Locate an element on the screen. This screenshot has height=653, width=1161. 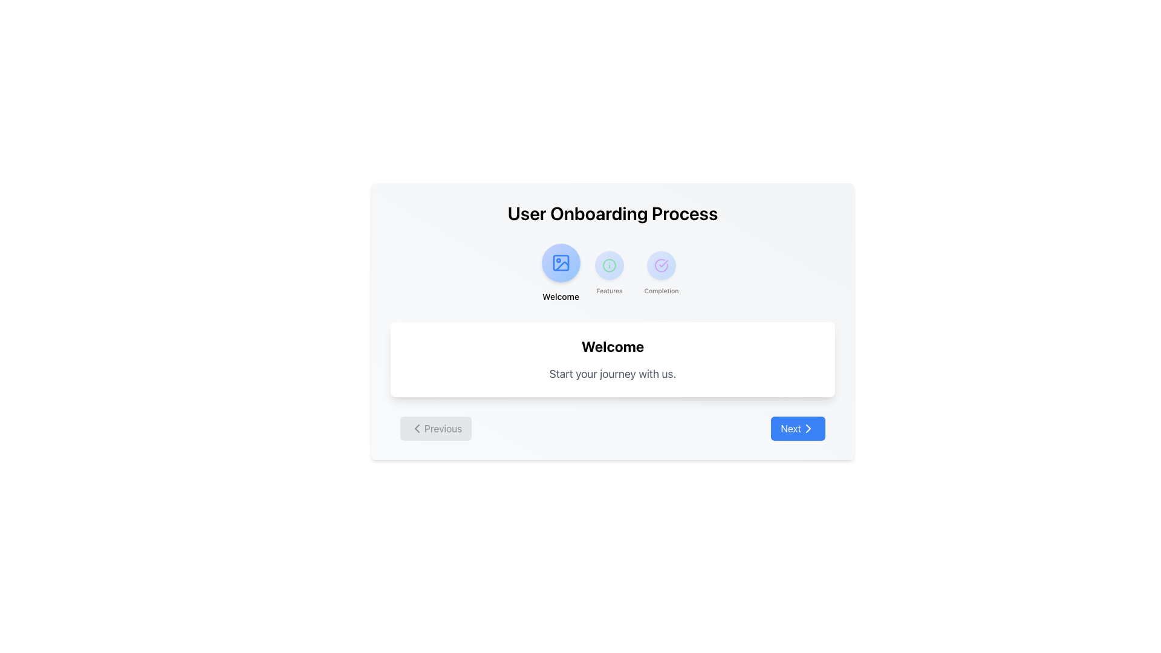
the left-pointing arrow SVG icon that is part of the 'Previous' button, which has a light gray background and is located at the bottom left of the page is located at coordinates (417, 428).